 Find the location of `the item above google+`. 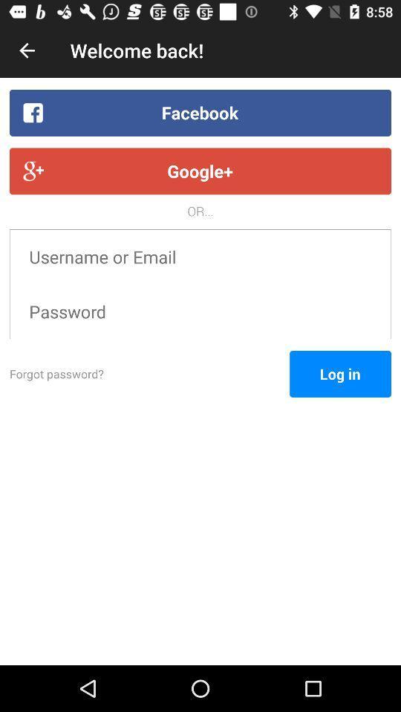

the item above google+ is located at coordinates (200, 112).